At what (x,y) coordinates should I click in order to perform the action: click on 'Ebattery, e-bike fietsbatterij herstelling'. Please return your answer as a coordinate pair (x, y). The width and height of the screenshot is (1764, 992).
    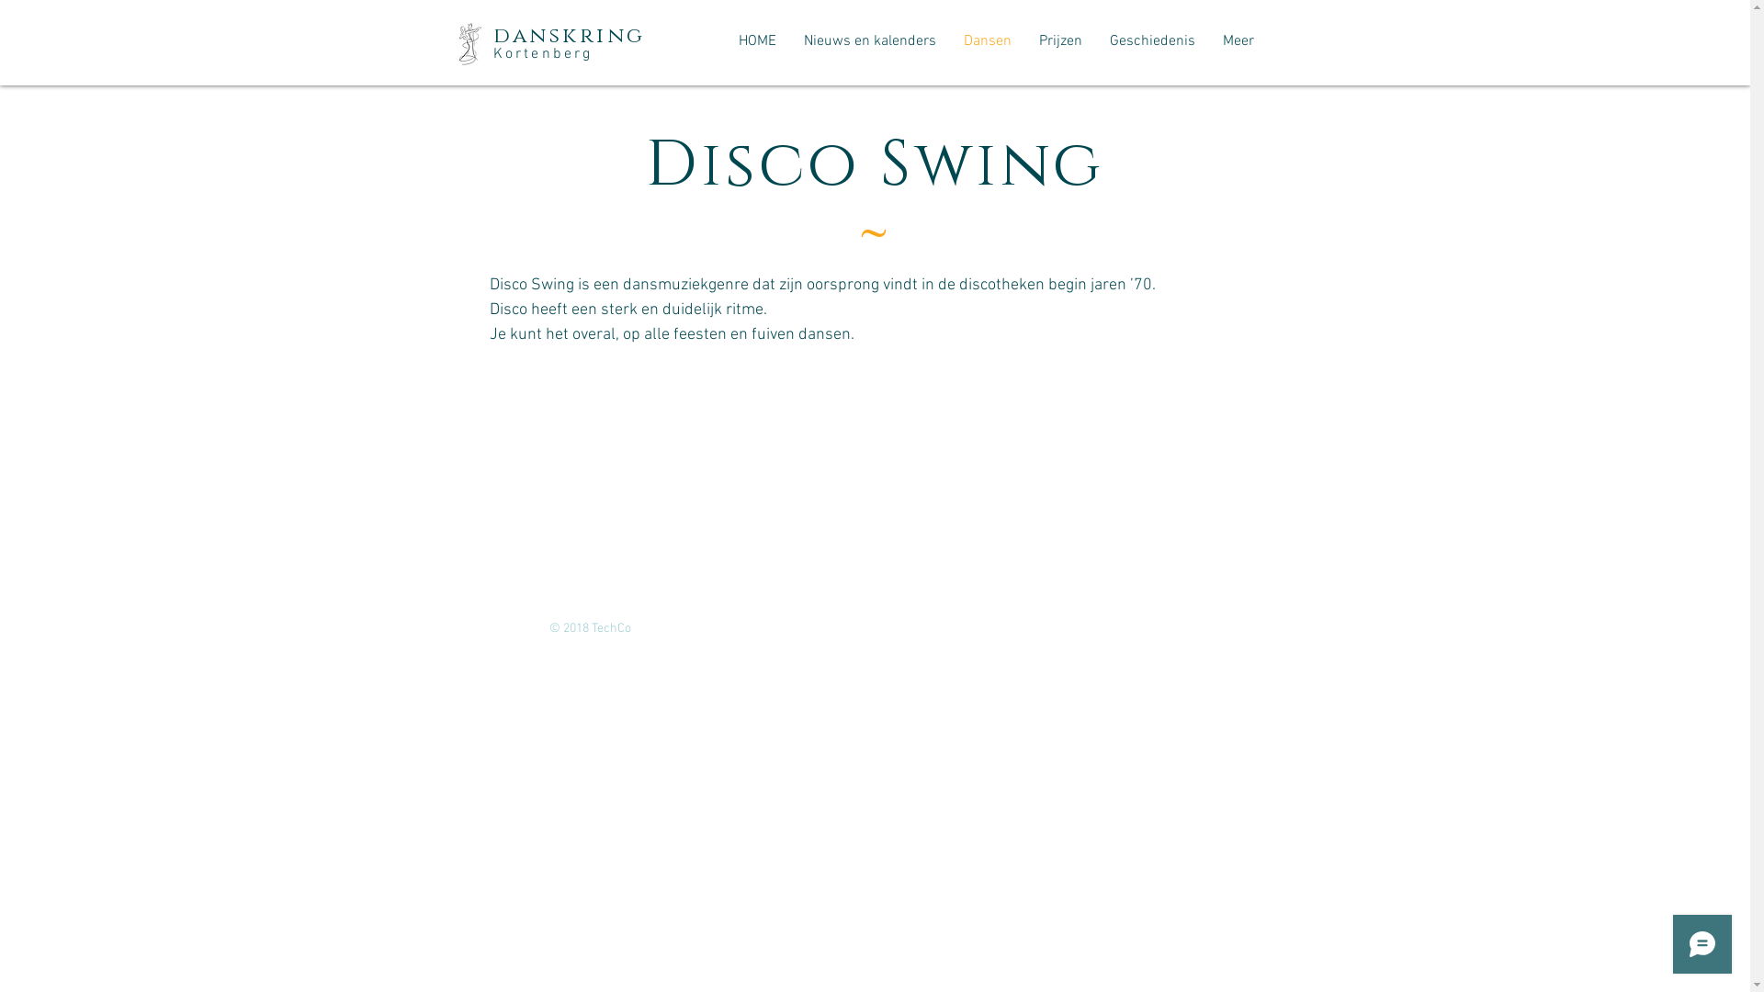
    Looking at the image, I should click on (926, 627).